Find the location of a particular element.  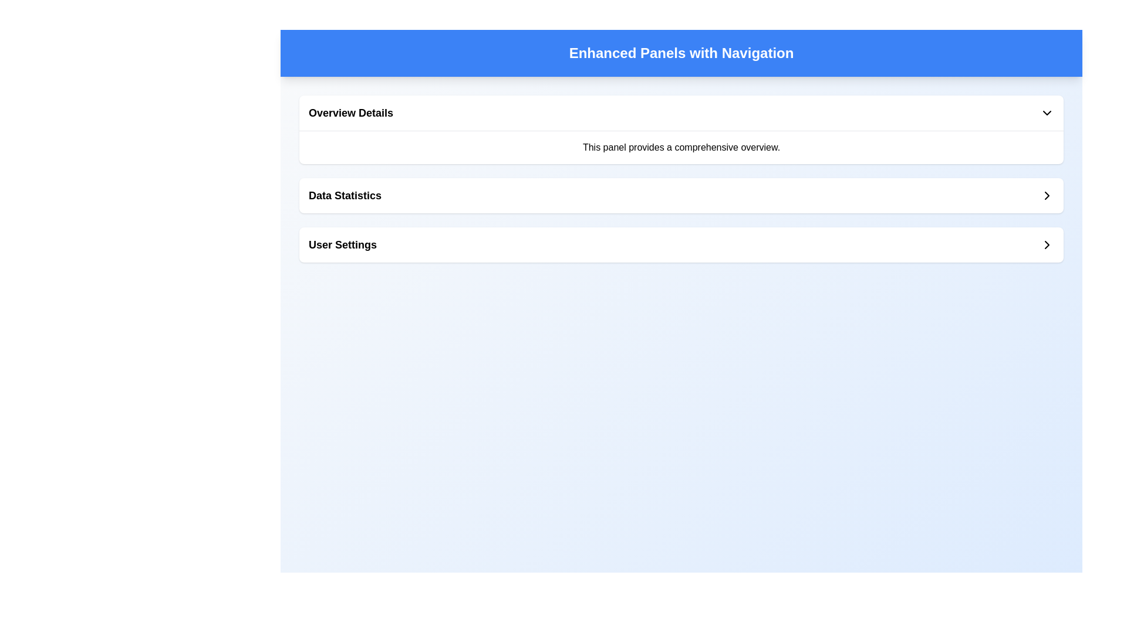

the icon located at the far right end of the 'User Settings' row is located at coordinates (1047, 244).